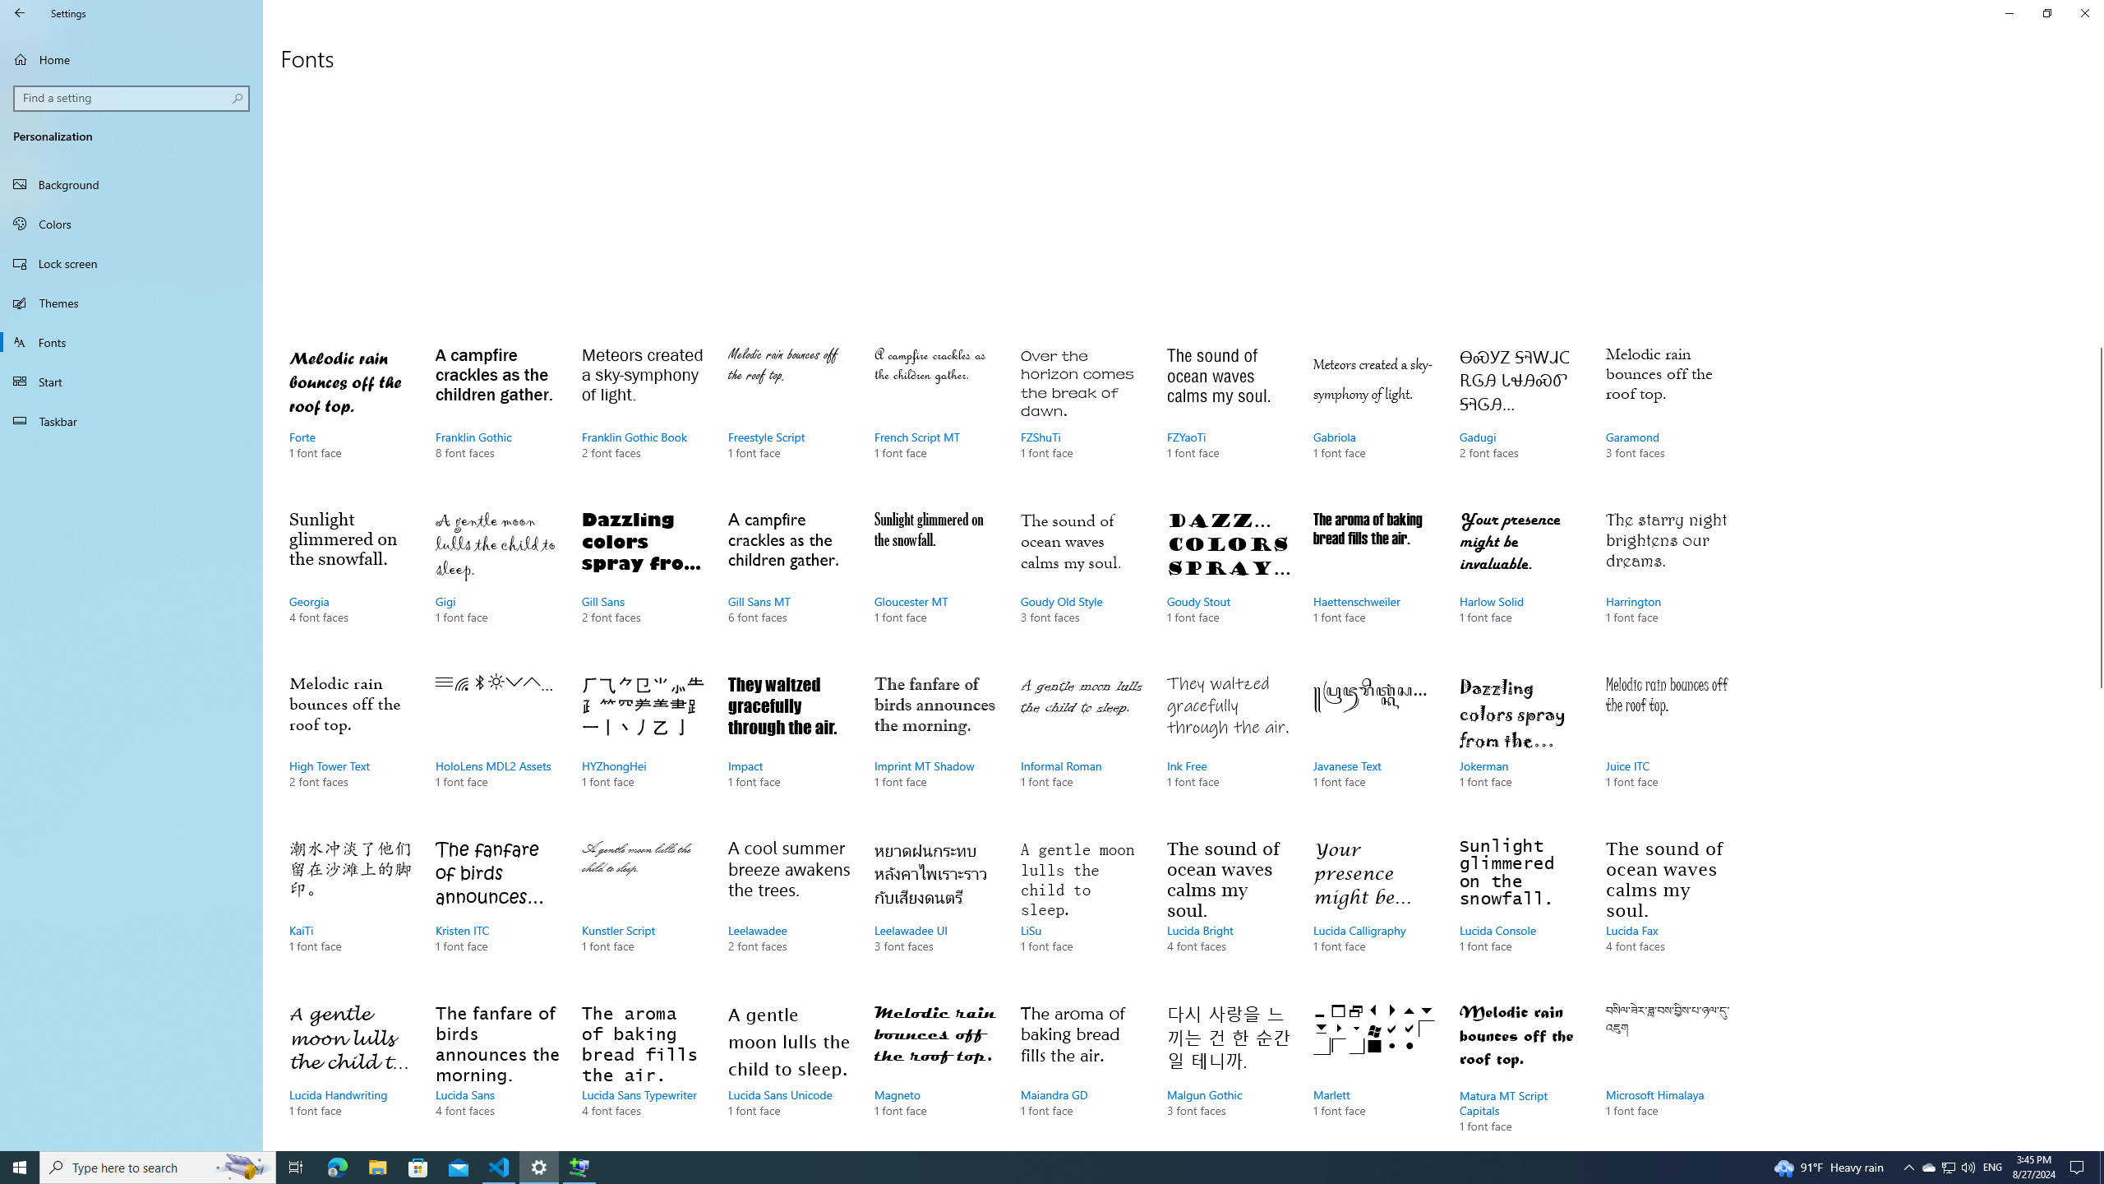 This screenshot has height=1184, width=2104. I want to click on 'Franklin Gothic Book, 2 font faces', so click(643, 419).